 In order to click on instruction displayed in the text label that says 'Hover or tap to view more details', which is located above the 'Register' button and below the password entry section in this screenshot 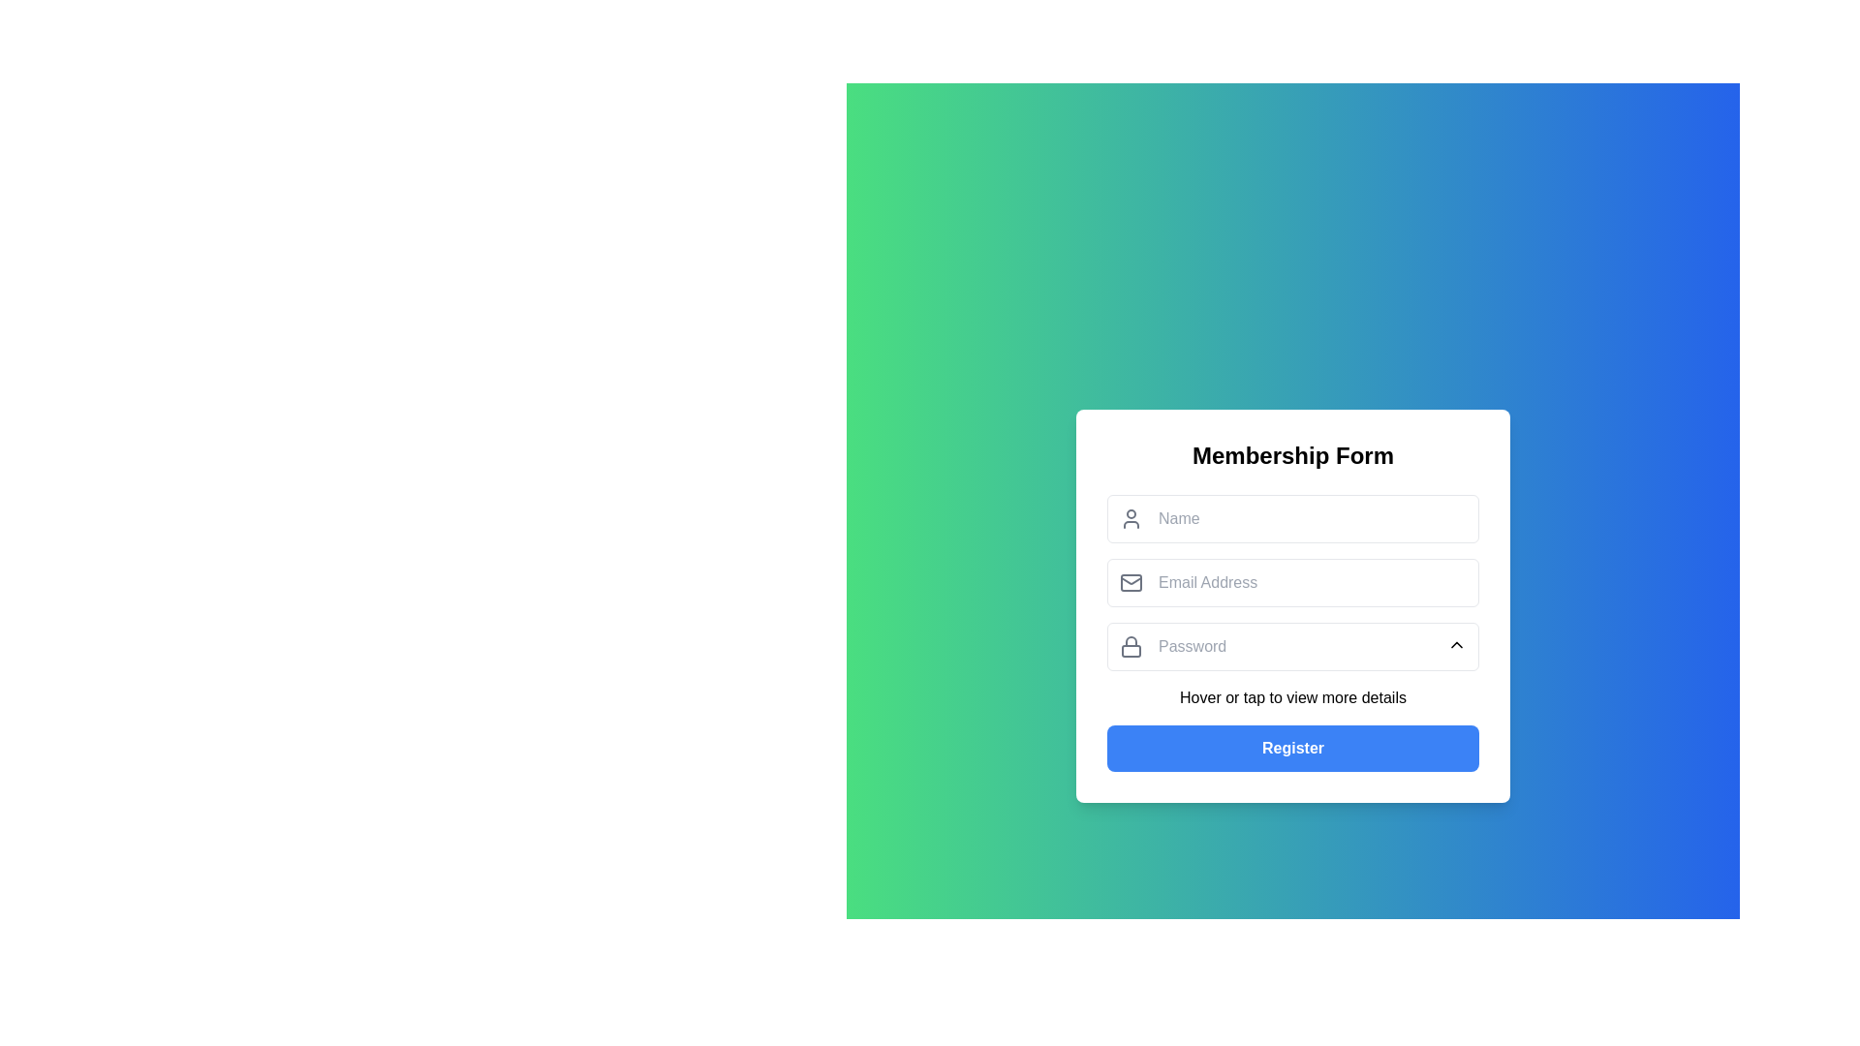, I will do `click(1292, 698)`.